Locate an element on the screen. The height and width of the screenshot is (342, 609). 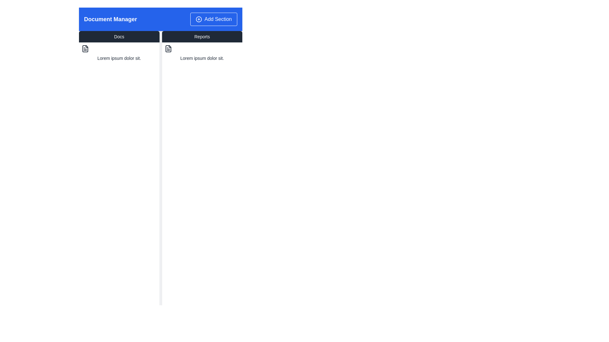
the Text Label that serves as the title or identifier for the 'Document Manager' section, positioned on the left side of the header bar is located at coordinates (110, 19).